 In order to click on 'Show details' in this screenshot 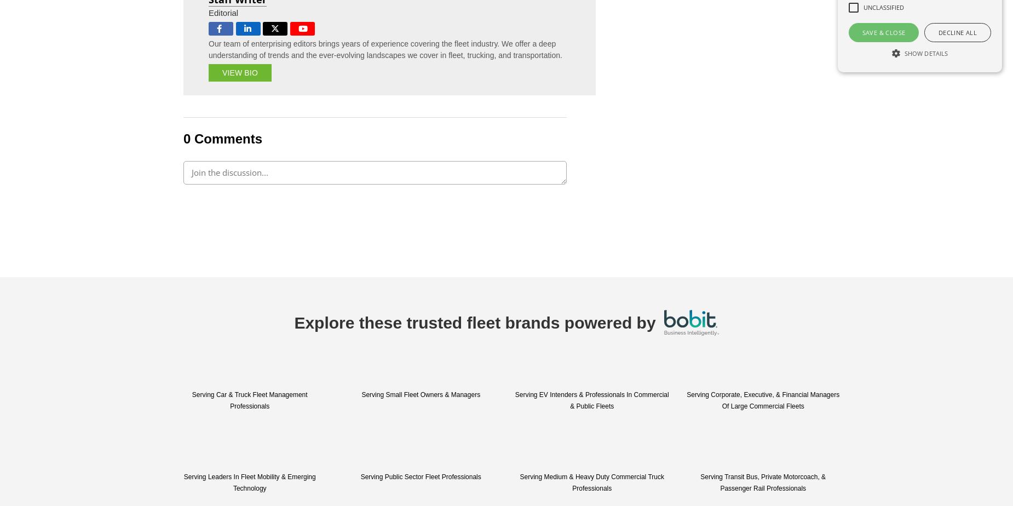, I will do `click(926, 53)`.